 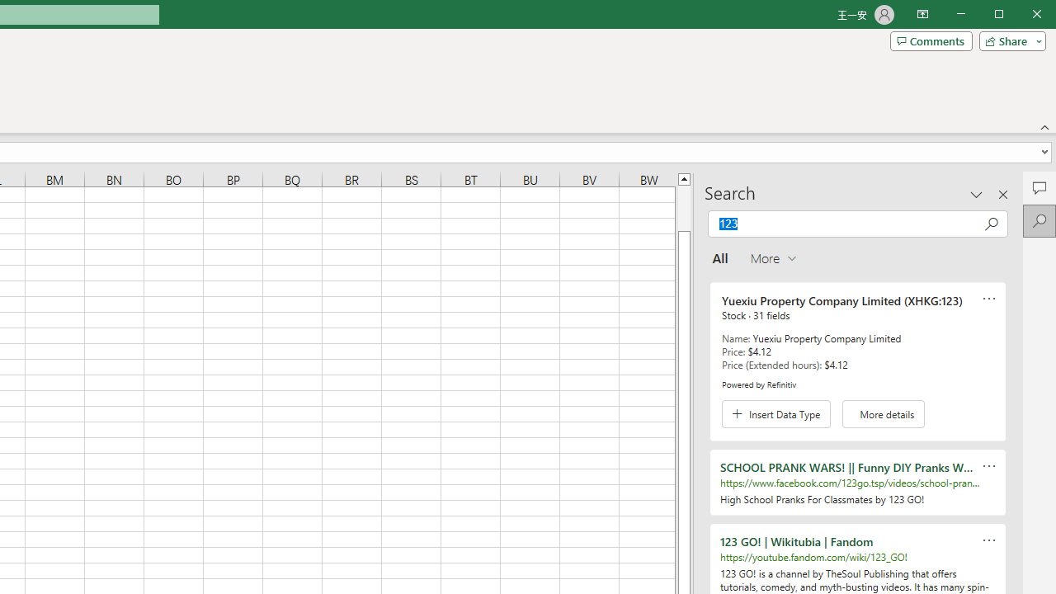 What do you see at coordinates (977, 193) in the screenshot?
I see `'Task Pane Options'` at bounding box center [977, 193].